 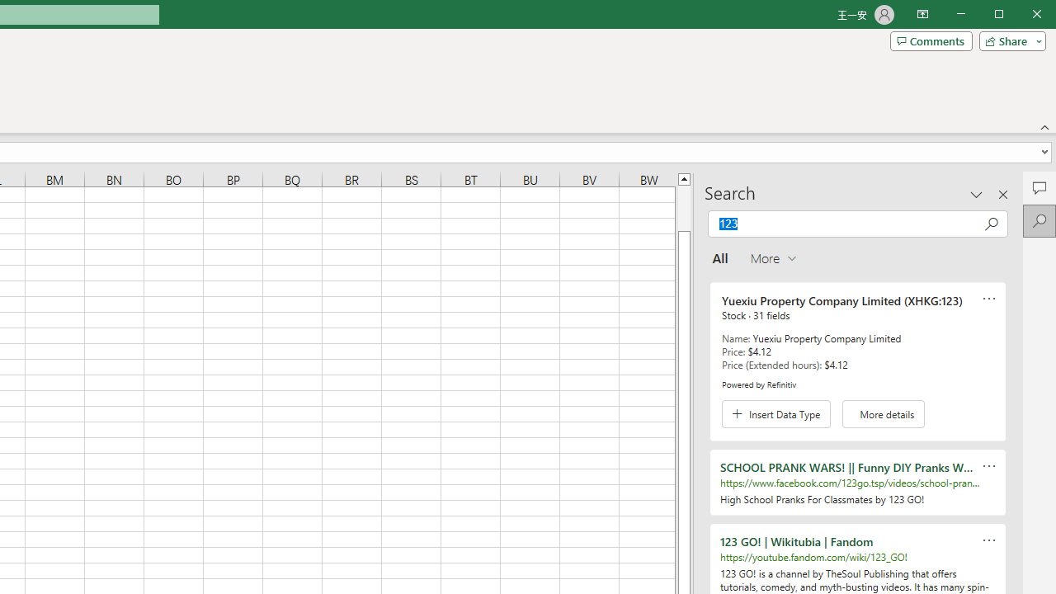 What do you see at coordinates (977, 193) in the screenshot?
I see `'Task Pane Options'` at bounding box center [977, 193].